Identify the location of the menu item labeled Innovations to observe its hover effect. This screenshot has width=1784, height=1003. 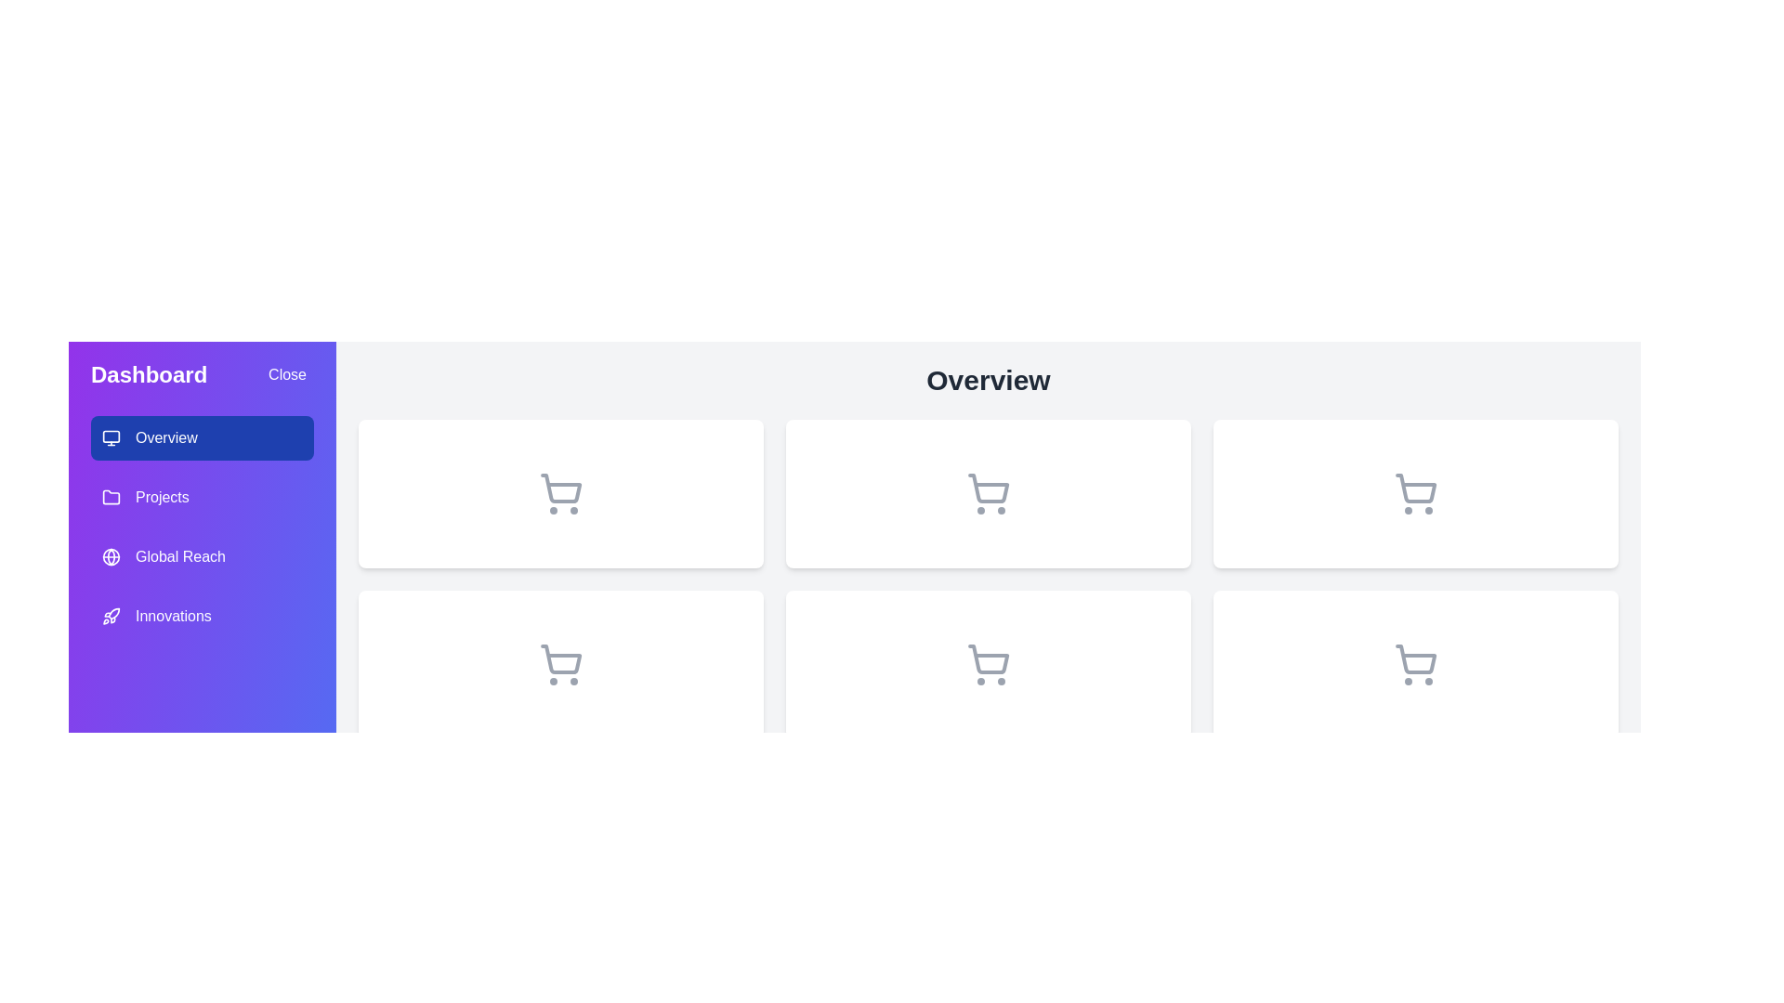
(202, 616).